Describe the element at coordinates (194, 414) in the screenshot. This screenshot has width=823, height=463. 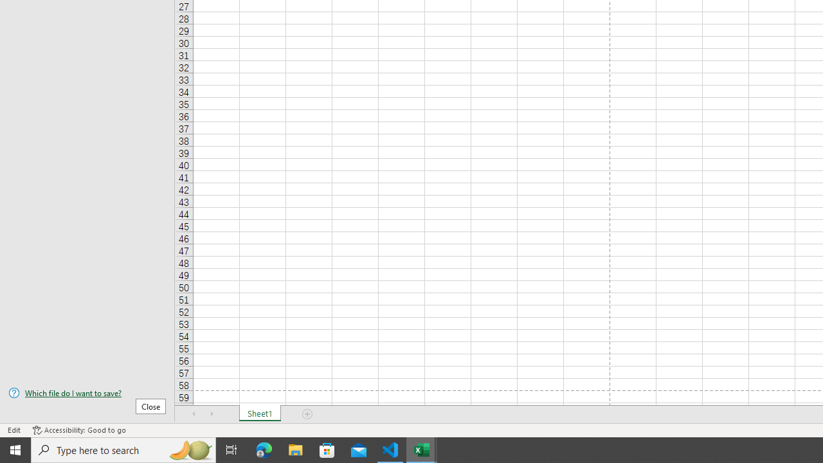
I see `'Scroll Left'` at that location.